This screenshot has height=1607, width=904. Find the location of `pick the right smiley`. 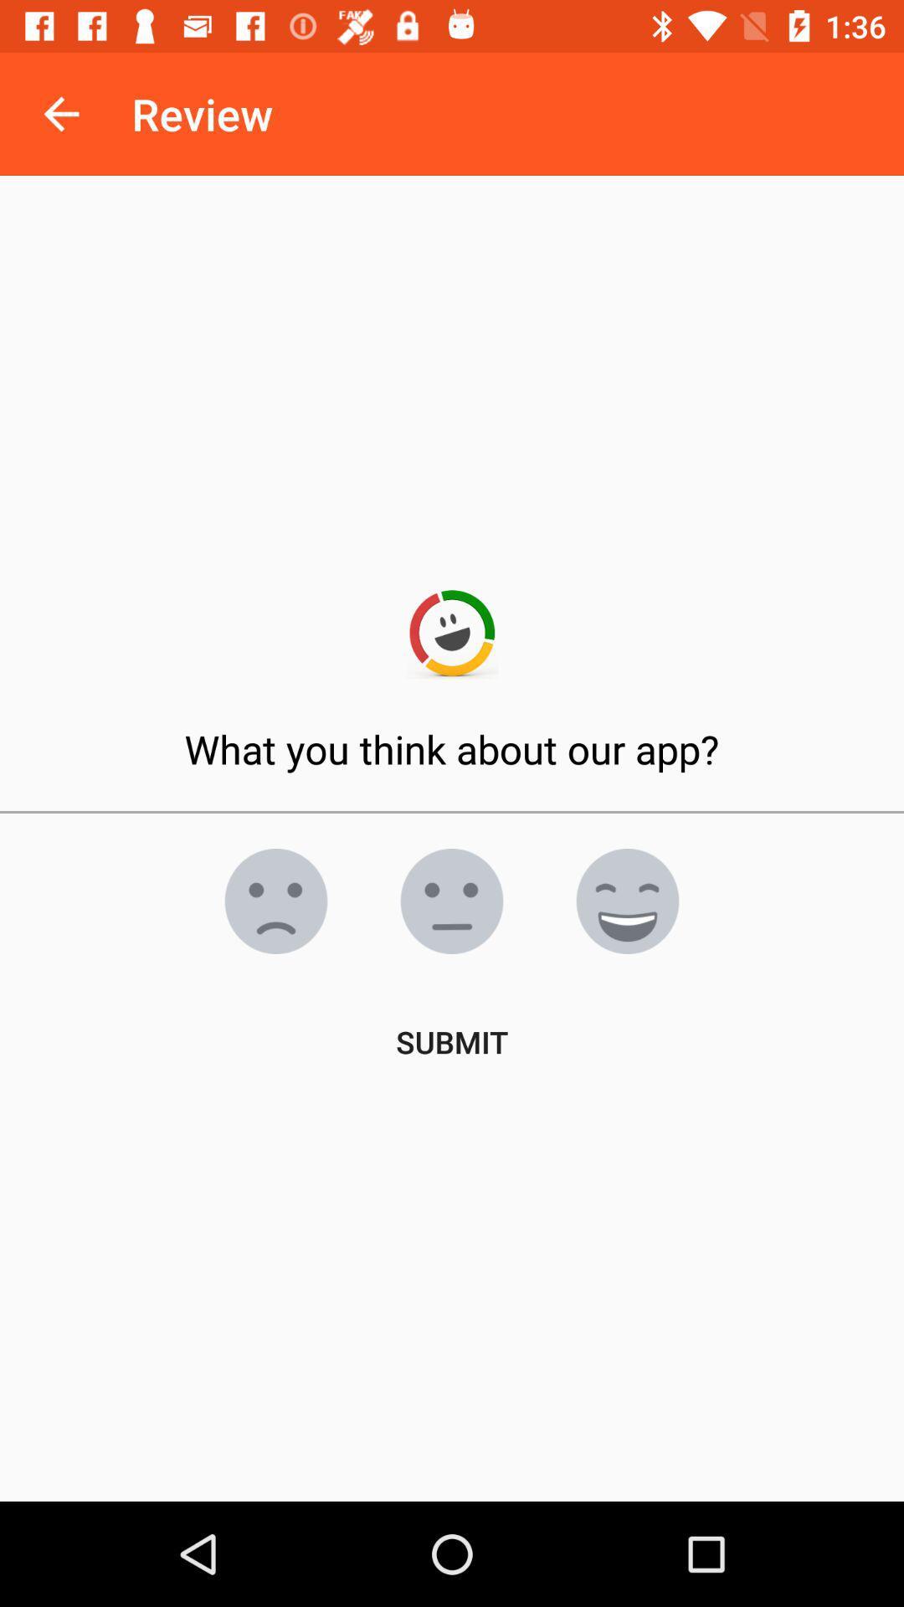

pick the right smiley is located at coordinates (275, 900).